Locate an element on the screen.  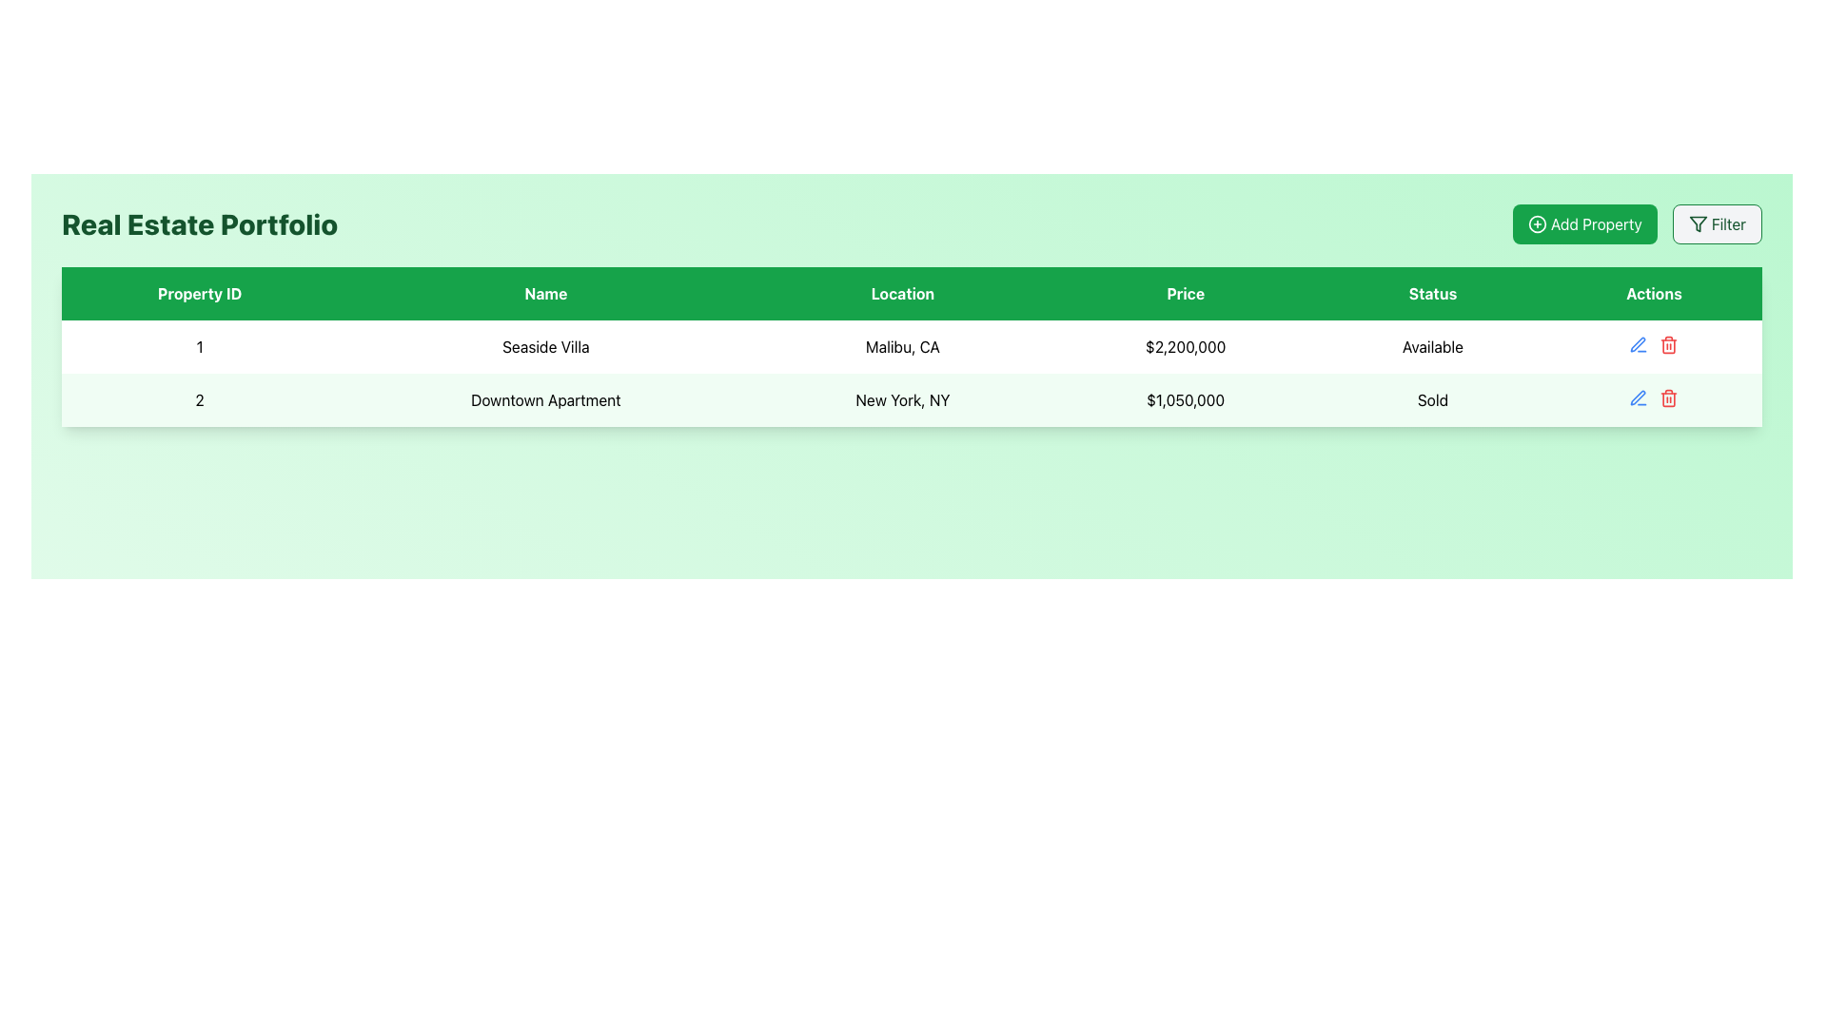
the filter funnel icon, which is styled with a green stroke and located to the left of the 'Filter' text within a rounded button at the top-right section of the interface is located at coordinates (1698, 223).